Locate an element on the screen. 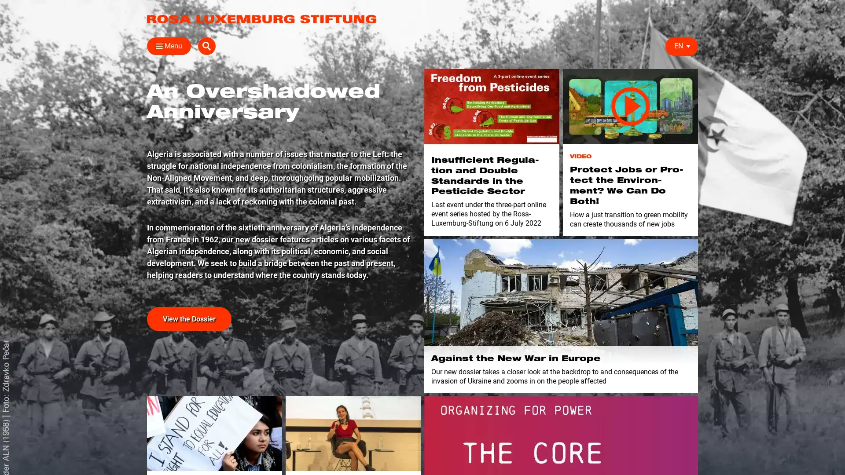 Image resolution: width=845 pixels, height=475 pixels. Search is located at coordinates (563, 66).